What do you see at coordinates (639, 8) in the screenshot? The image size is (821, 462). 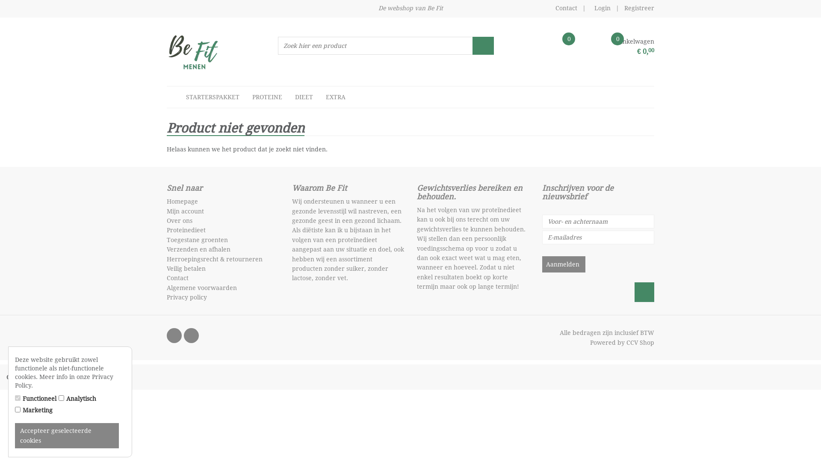 I see `'Registreer'` at bounding box center [639, 8].